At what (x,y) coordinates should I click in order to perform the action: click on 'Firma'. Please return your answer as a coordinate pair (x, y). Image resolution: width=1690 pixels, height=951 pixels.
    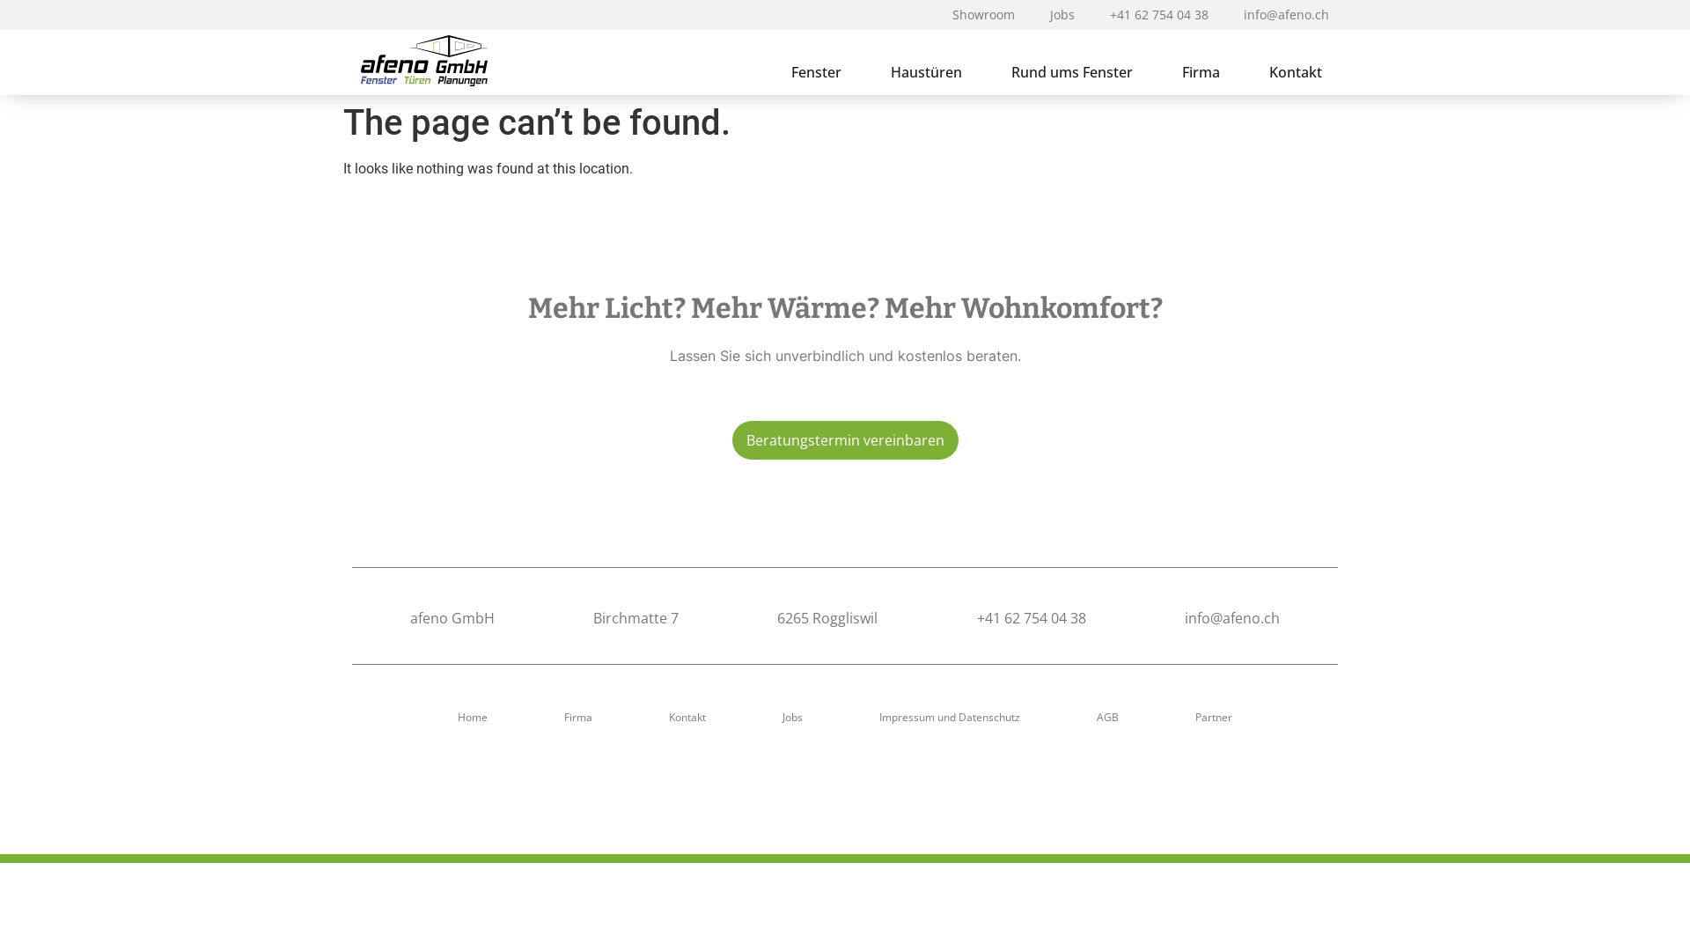
    Looking at the image, I should click on (549, 717).